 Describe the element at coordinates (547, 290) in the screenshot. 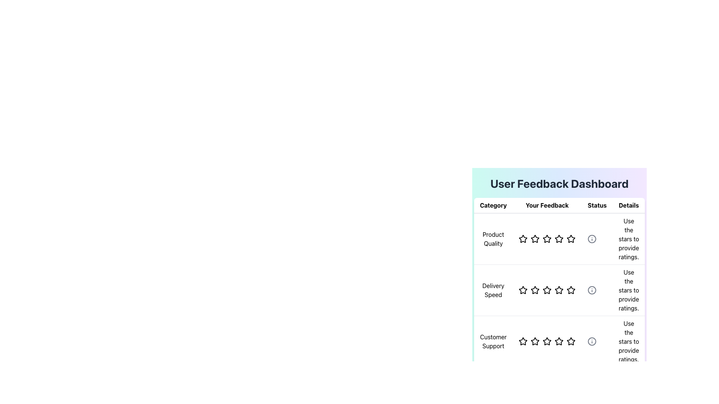

I see `the third clickable star icon in the rating control for the 'Delivery Speed' category` at that location.